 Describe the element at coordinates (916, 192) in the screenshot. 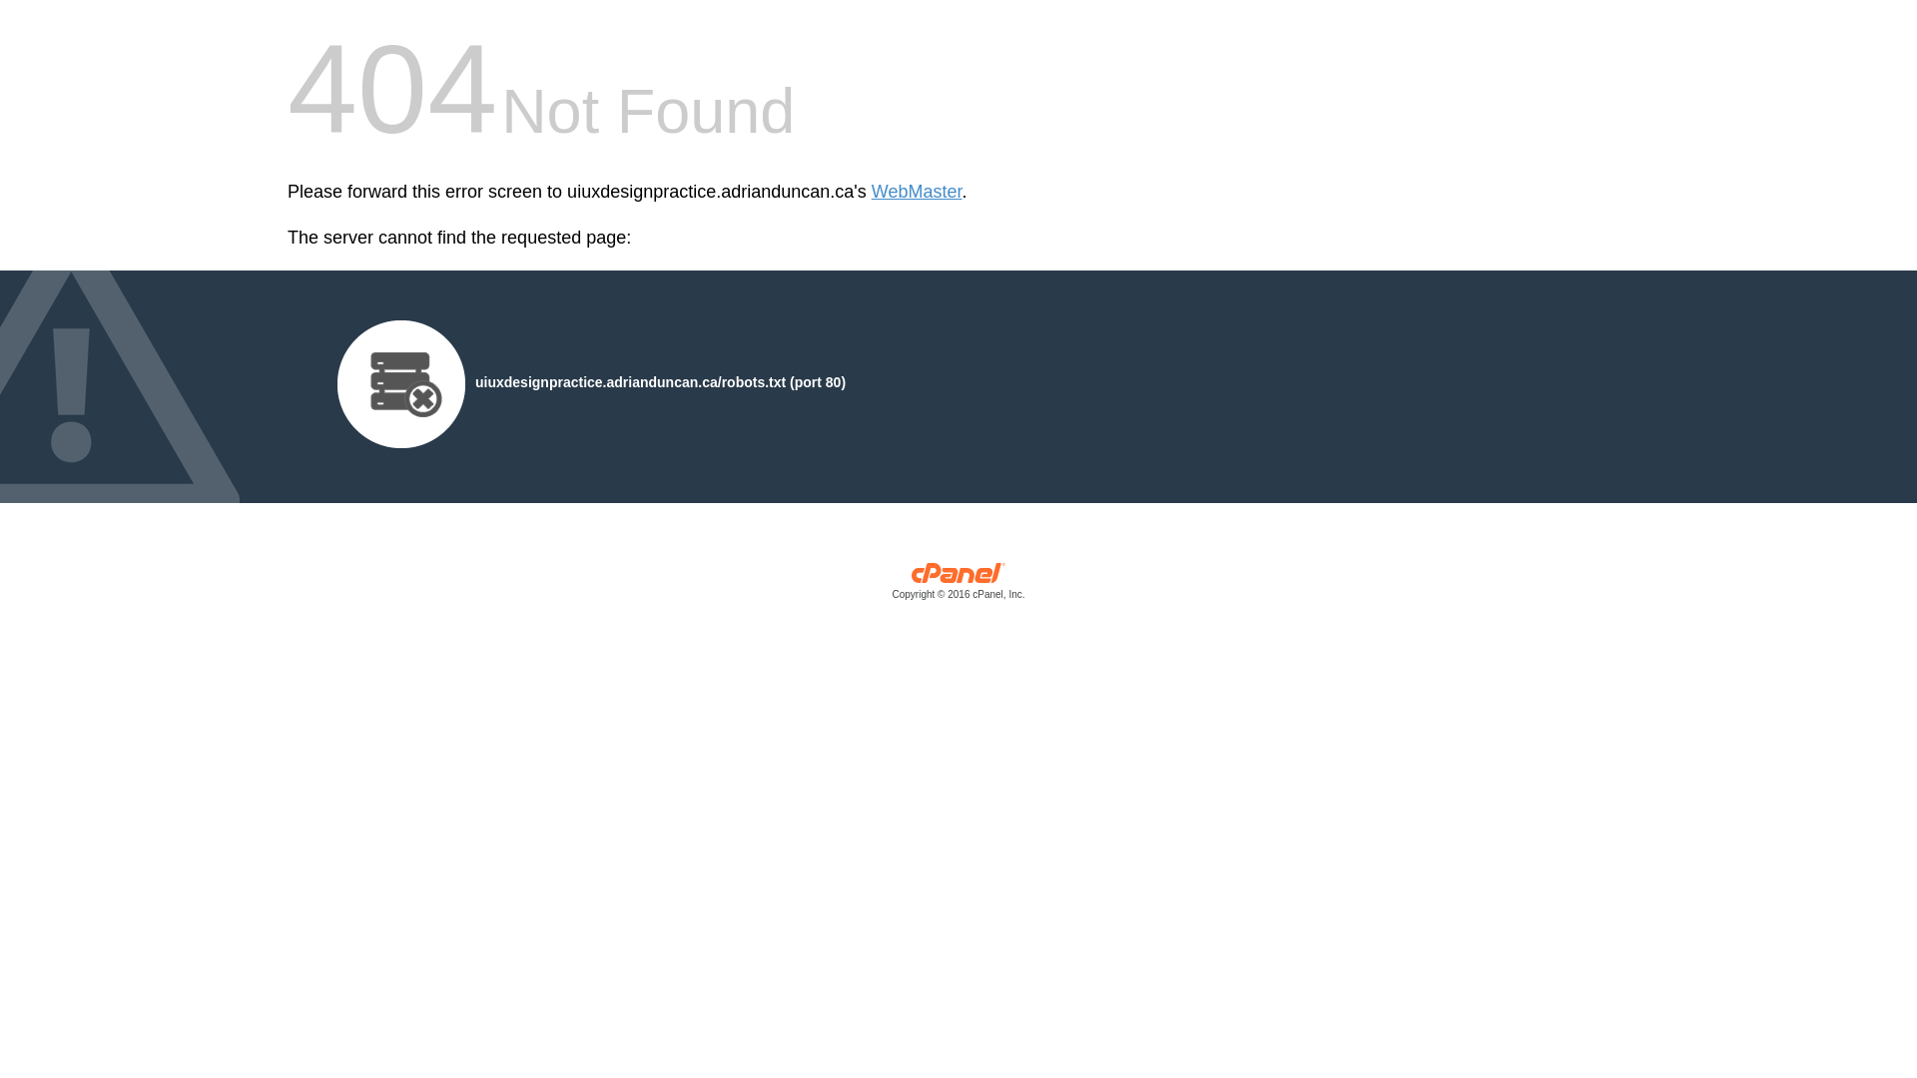

I see `'WebMaster'` at that location.